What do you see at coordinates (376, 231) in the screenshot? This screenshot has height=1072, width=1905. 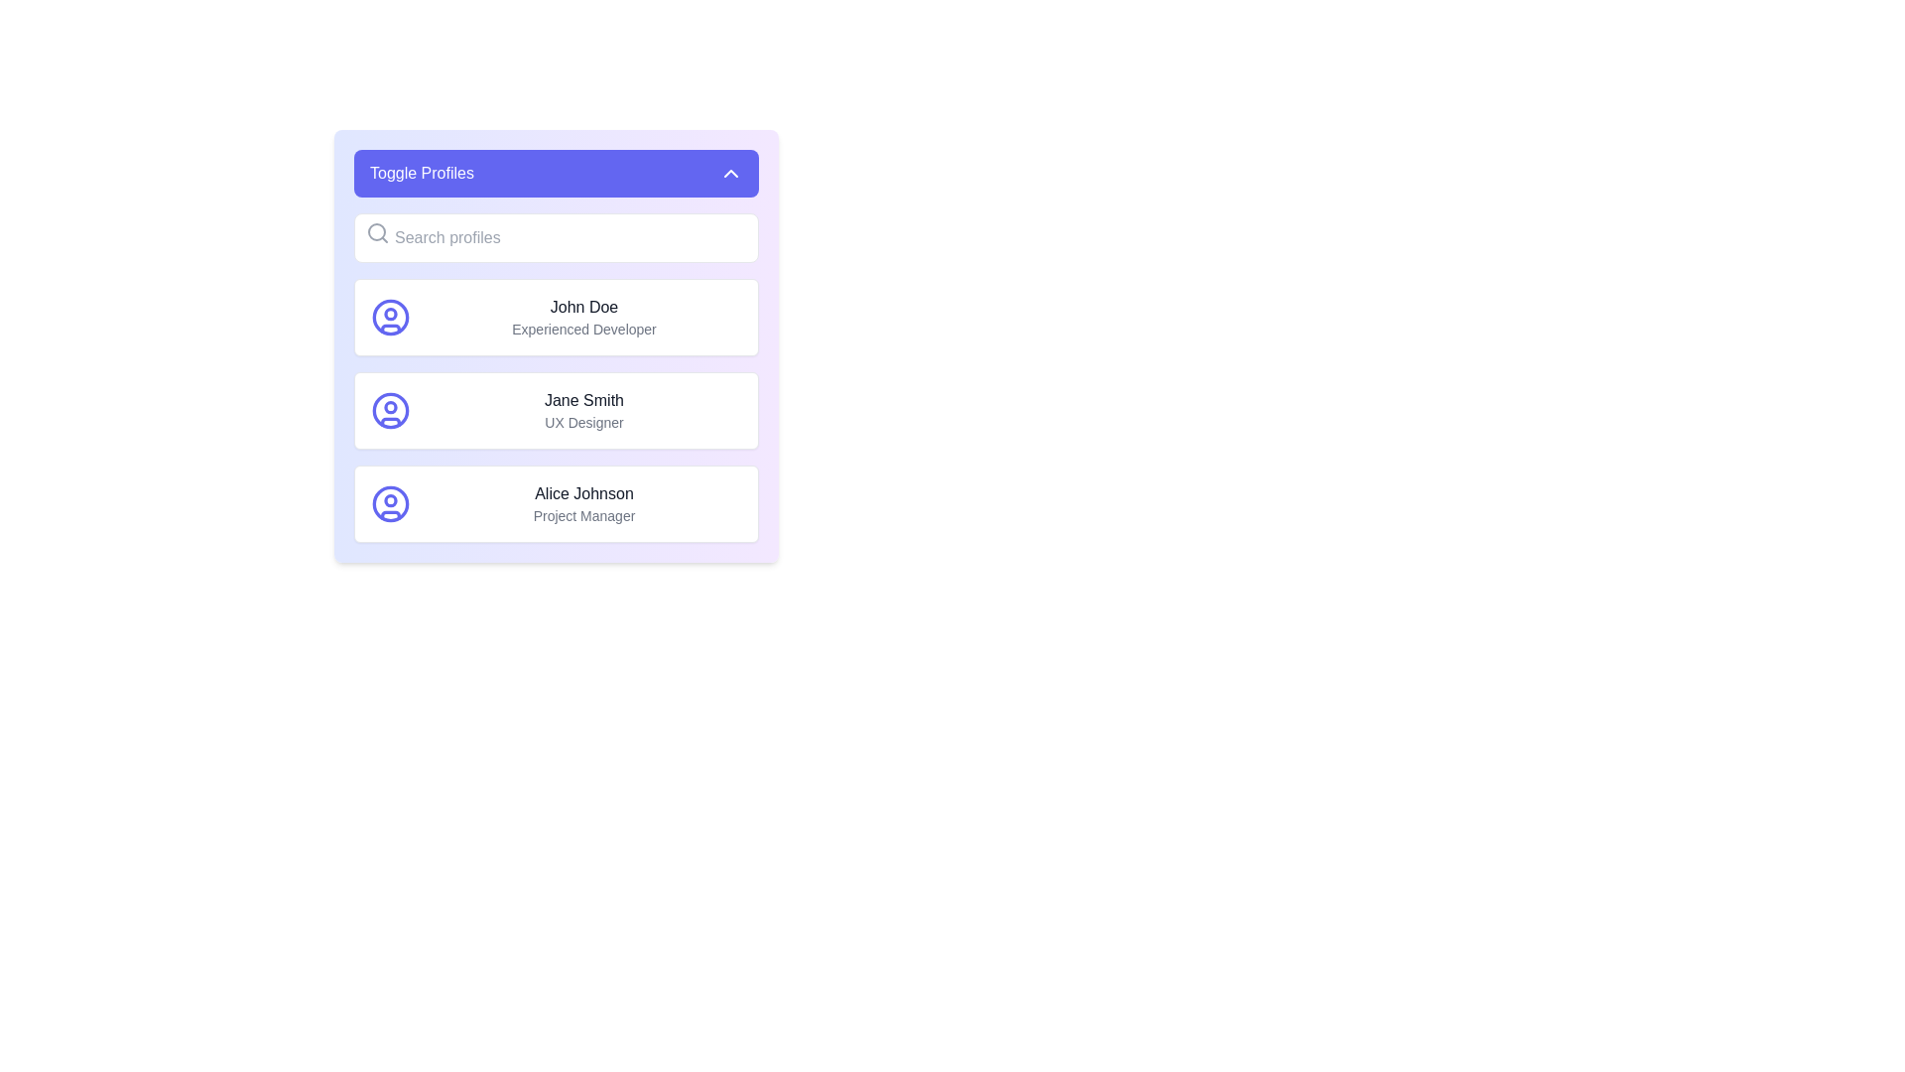 I see `the small circular shape within the search icon located at the top of the vertical profile selection panel` at bounding box center [376, 231].